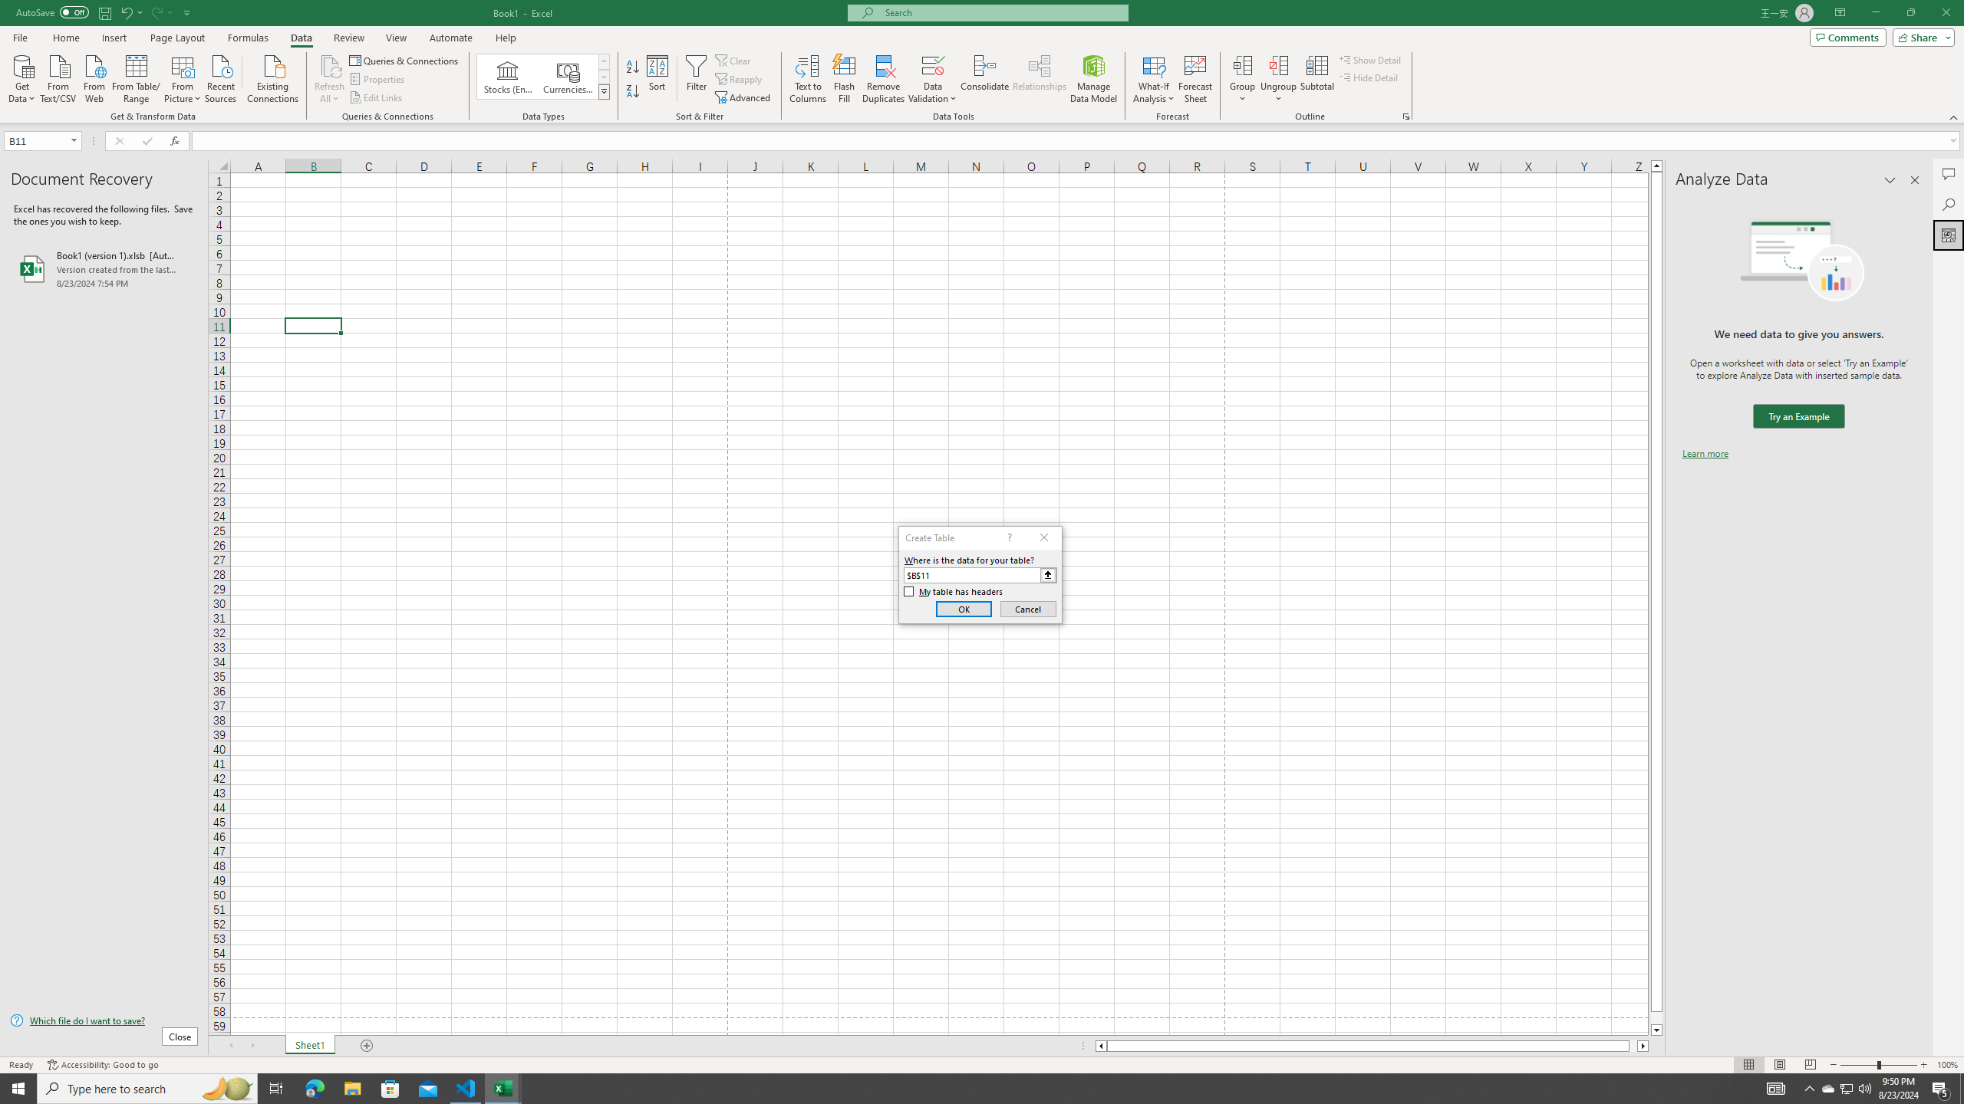  What do you see at coordinates (1874, 12) in the screenshot?
I see `'Minimize'` at bounding box center [1874, 12].